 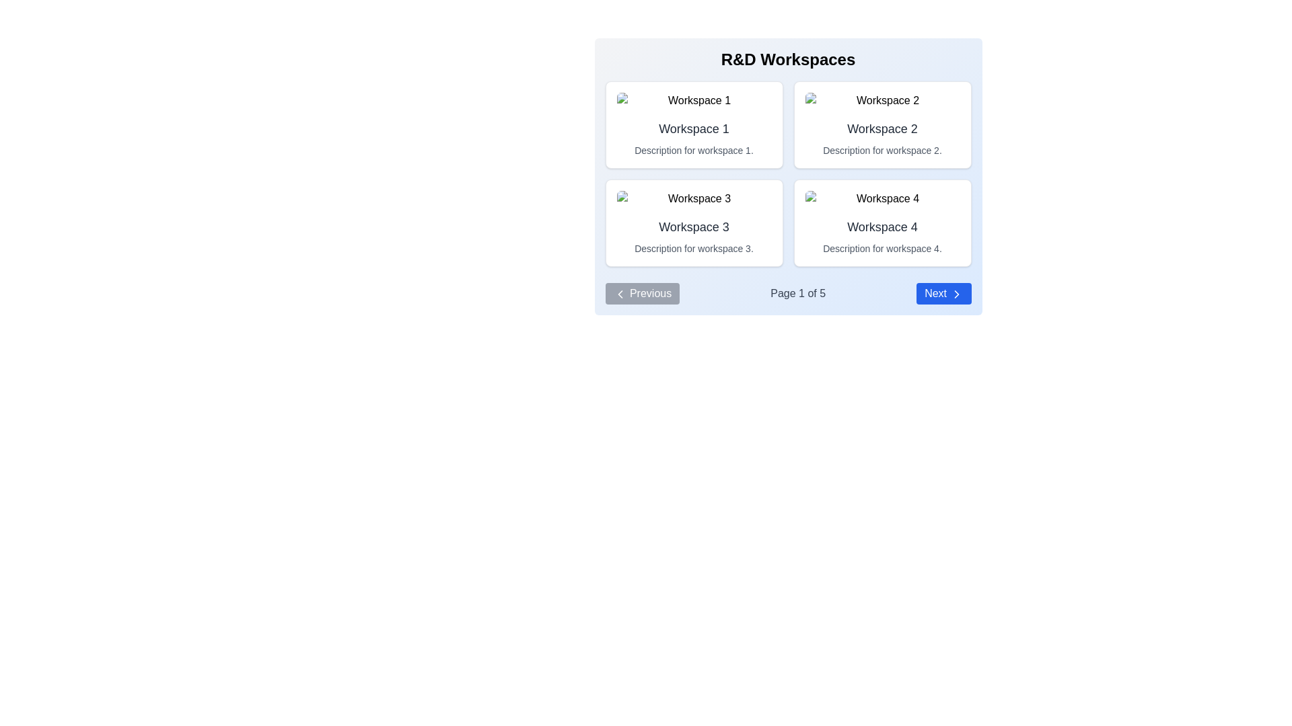 What do you see at coordinates (882, 100) in the screenshot?
I see `image representing 'Workspace 2' located at the top of the card in the R&D Workspaces section by clicking on it` at bounding box center [882, 100].